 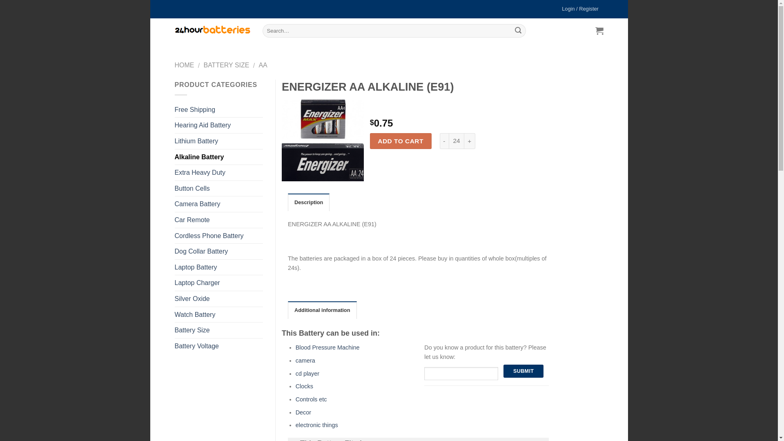 What do you see at coordinates (295, 347) in the screenshot?
I see `'Blood Pressure Machine'` at bounding box center [295, 347].